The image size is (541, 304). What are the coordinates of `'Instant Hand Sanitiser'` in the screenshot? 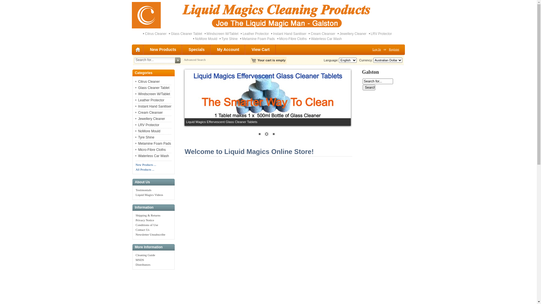 It's located at (153, 106).